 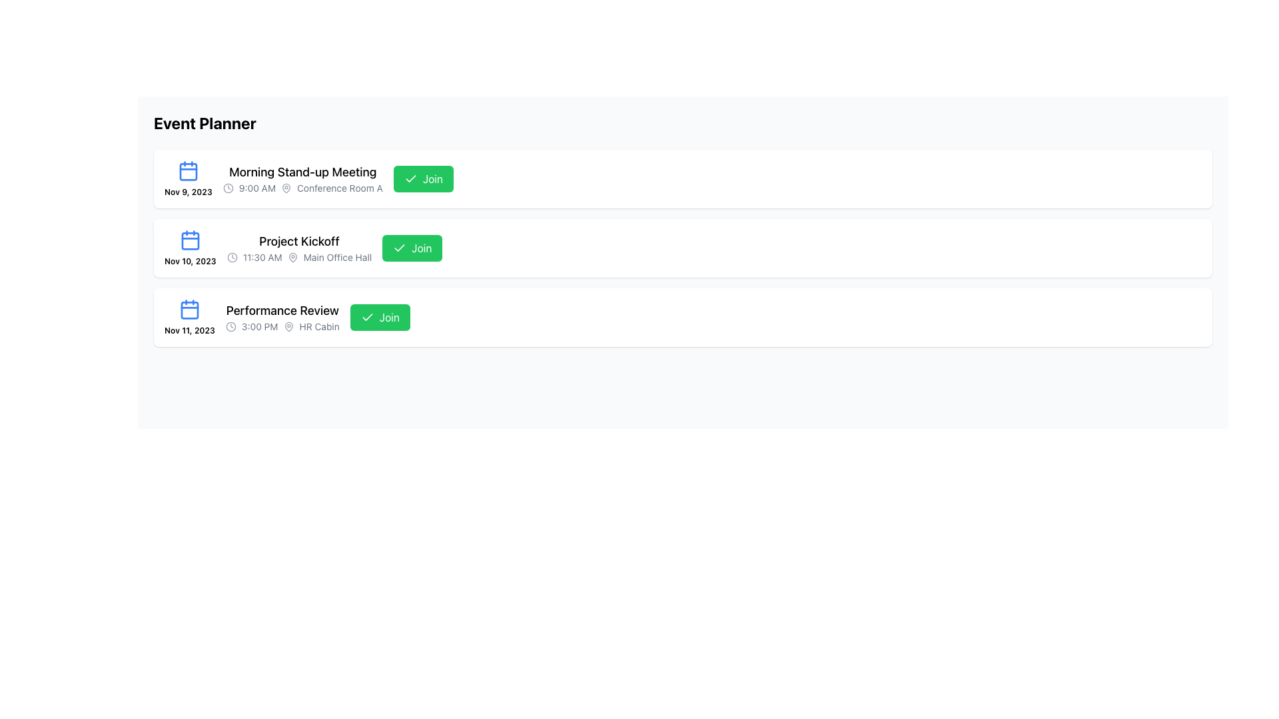 I want to click on the decorative component, which is a rectangle with rounded corners located inside the calendar icon for the 'Performance Review' event, so click(x=189, y=310).